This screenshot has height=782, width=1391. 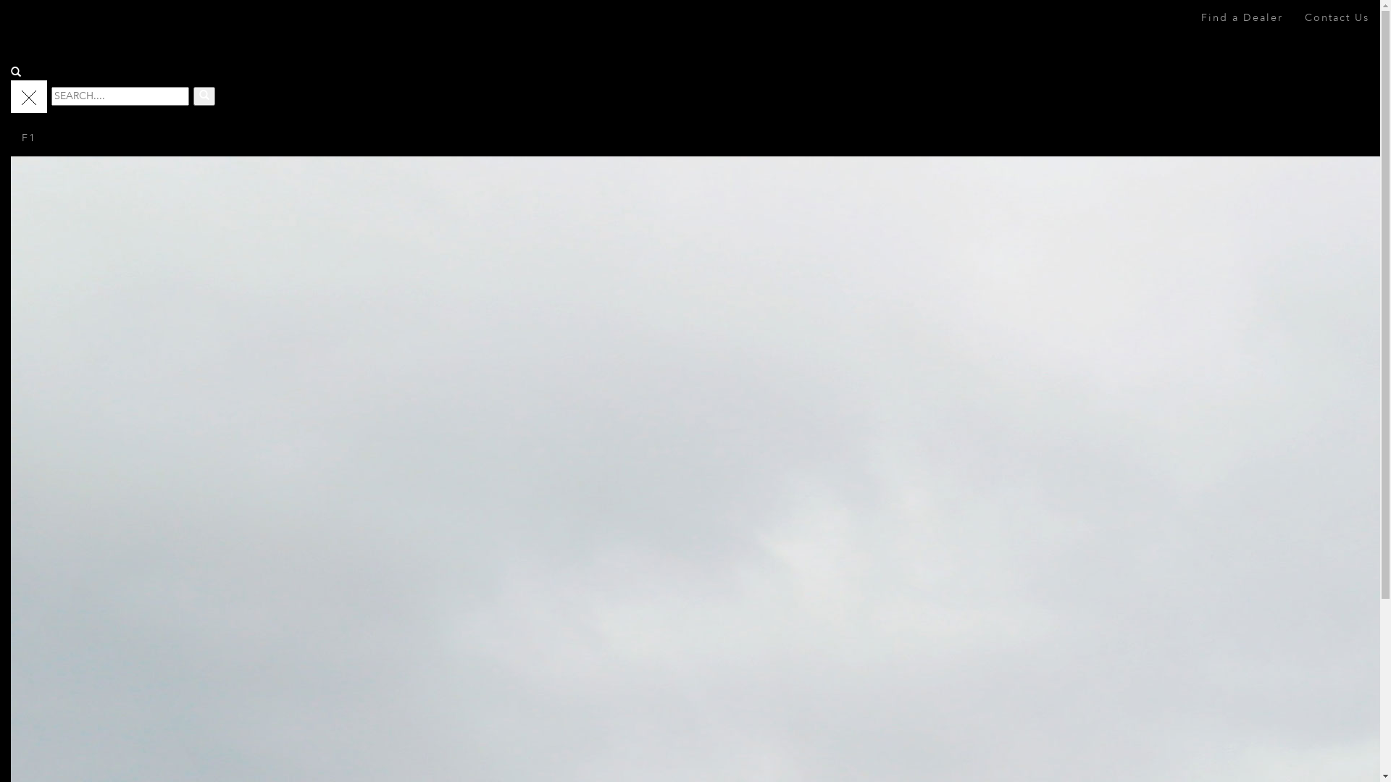 I want to click on 'Find a Dealer', so click(x=1241, y=17).